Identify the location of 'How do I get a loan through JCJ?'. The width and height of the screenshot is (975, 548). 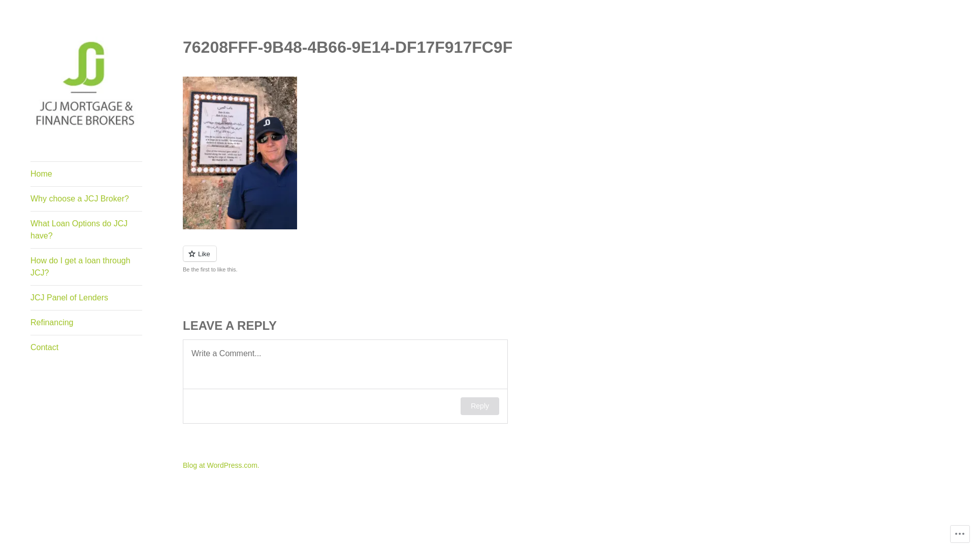
(86, 266).